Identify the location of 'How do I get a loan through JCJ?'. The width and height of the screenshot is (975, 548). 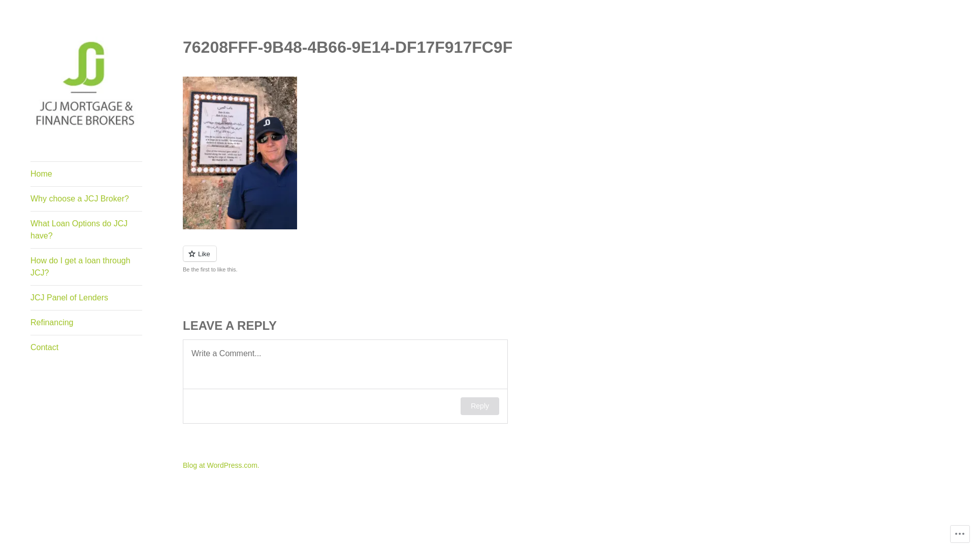
(86, 266).